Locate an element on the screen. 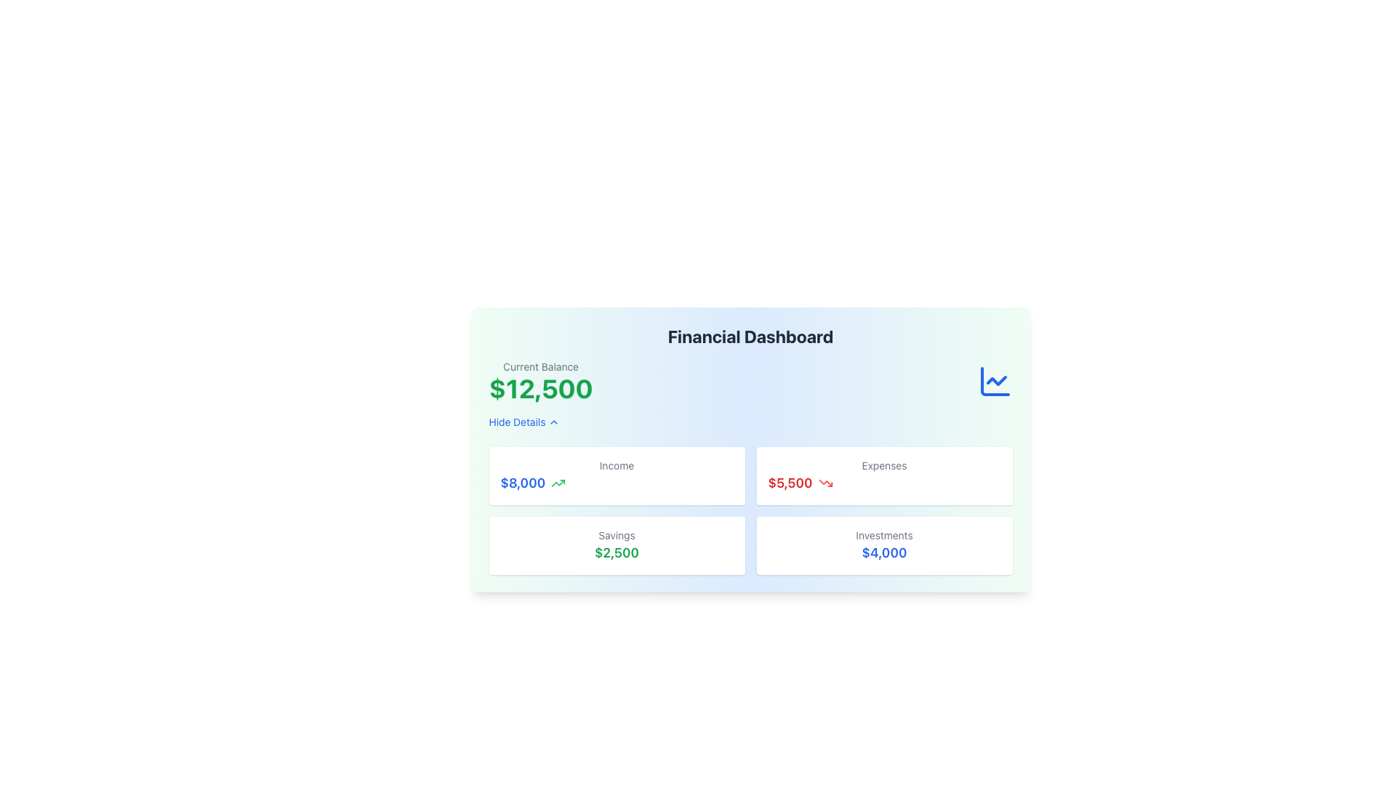 The image size is (1396, 785). the Informational Card displaying the text 'Investments' and '$4,000' located at the bottom-right of the grid structure is located at coordinates (883, 546).